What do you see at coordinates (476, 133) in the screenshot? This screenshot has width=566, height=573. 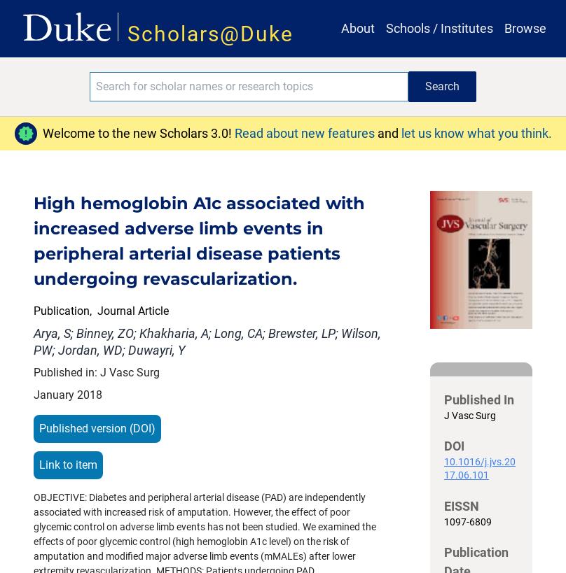 I see `'let us know what you think.'` at bounding box center [476, 133].